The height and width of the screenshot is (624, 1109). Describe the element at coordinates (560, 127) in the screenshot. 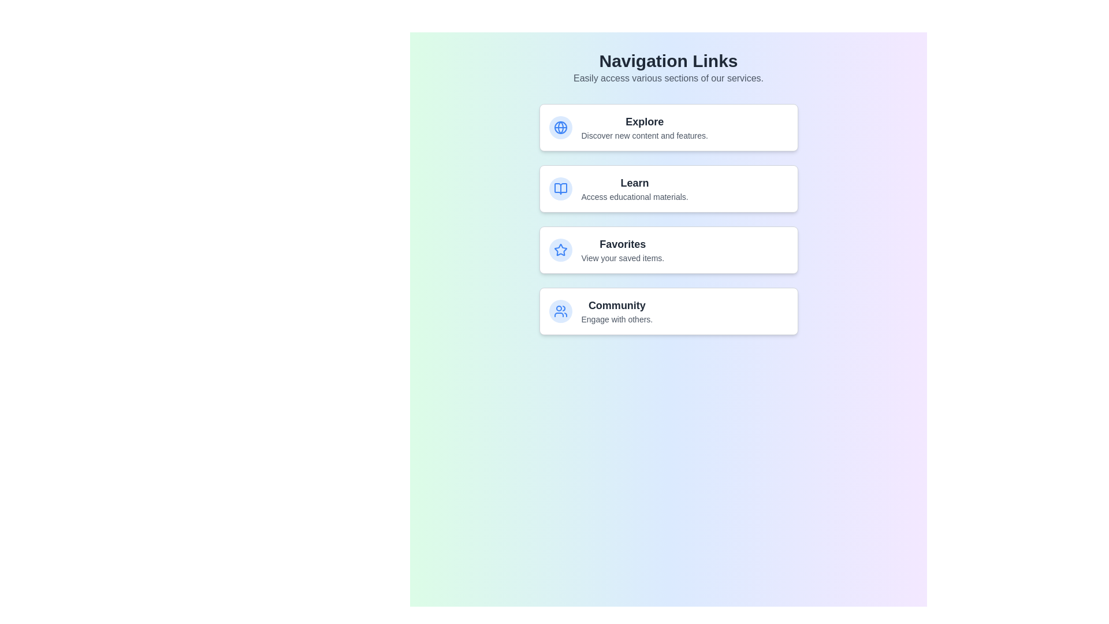

I see `the globe-shaped SVG icon with a blue color scheme located inside the blue circular background at the top left of the 'Explore' list item` at that location.